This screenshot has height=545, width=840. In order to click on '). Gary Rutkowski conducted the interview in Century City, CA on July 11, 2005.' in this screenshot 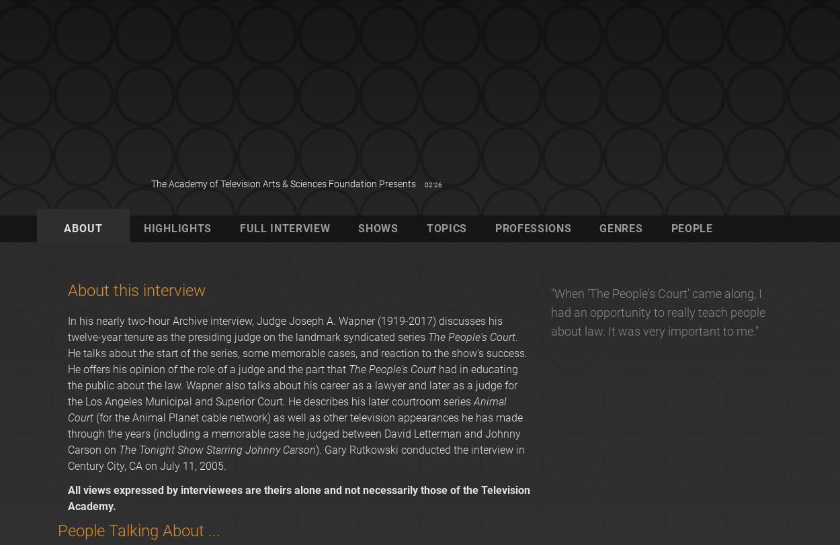, I will do `click(296, 458)`.